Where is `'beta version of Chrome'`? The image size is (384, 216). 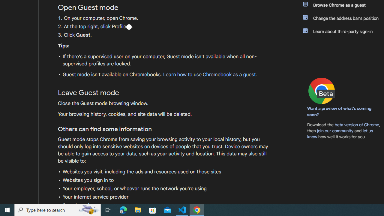
'beta version of Chrome' is located at coordinates (357, 124).